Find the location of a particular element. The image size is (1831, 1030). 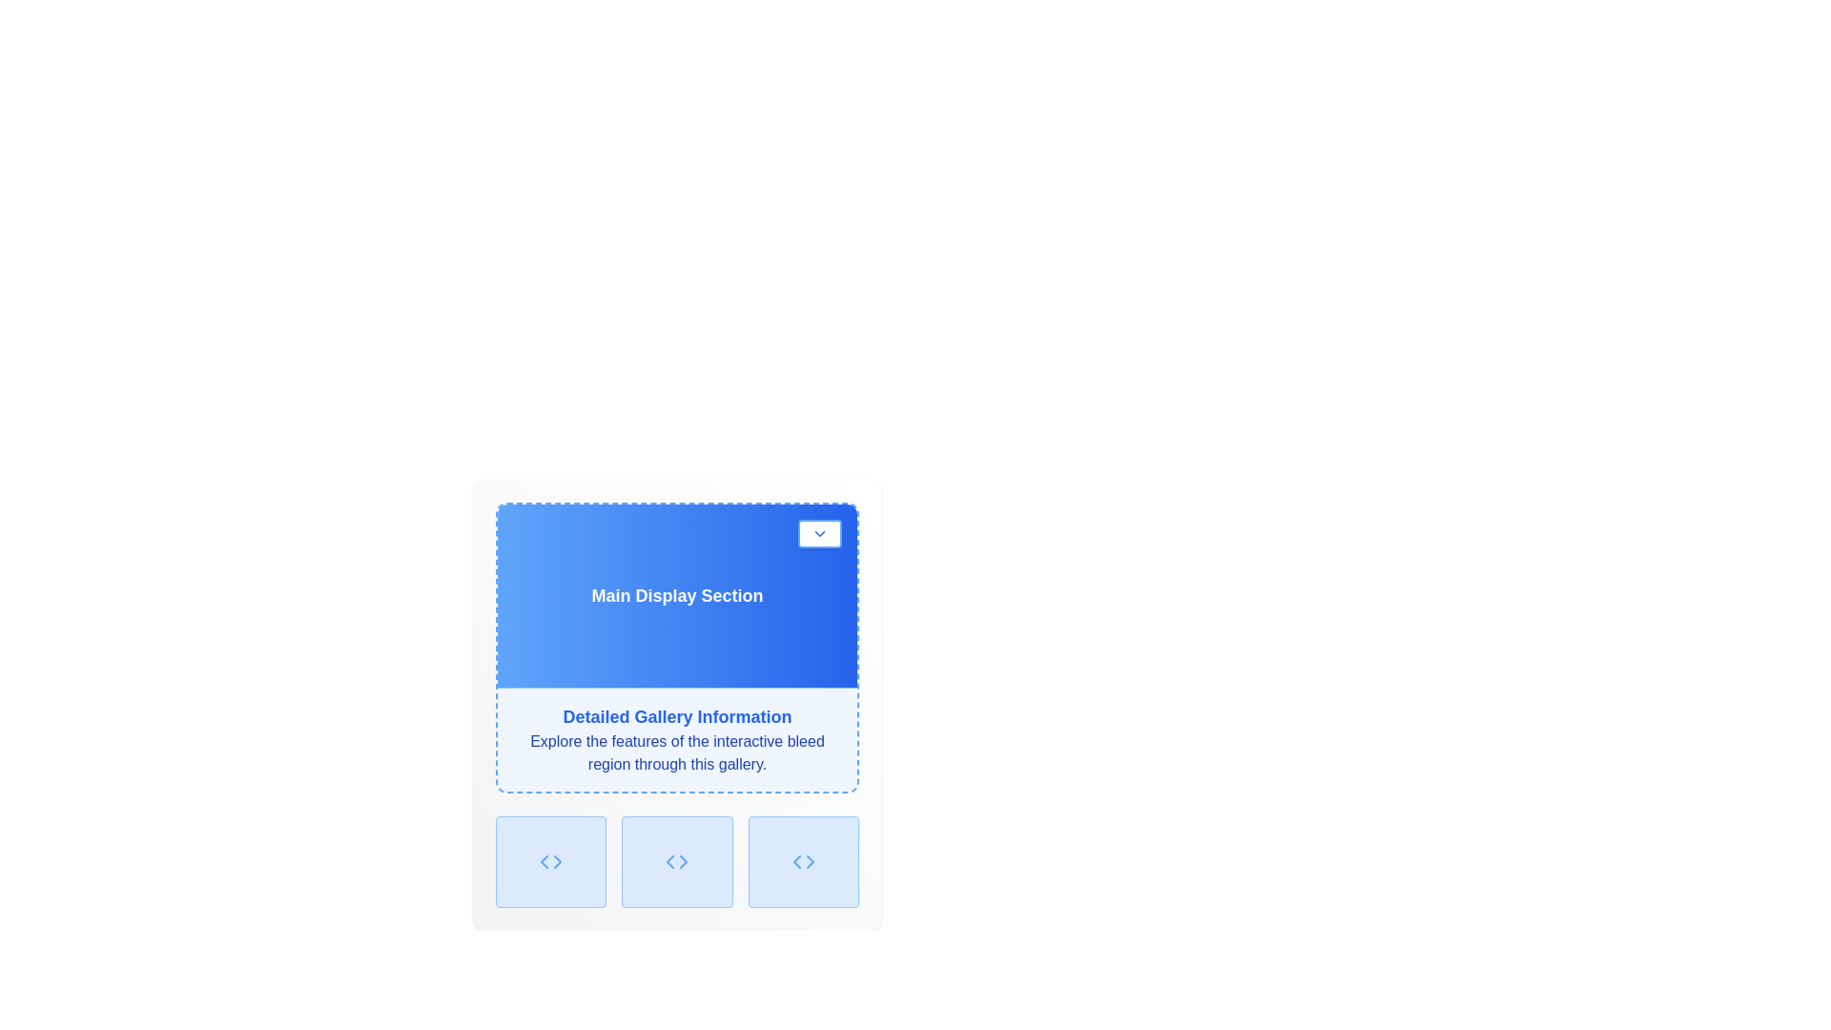

informational text block located below the 'Main Display Section' header, which features bold white text on a gradient blue background is located at coordinates (677, 705).